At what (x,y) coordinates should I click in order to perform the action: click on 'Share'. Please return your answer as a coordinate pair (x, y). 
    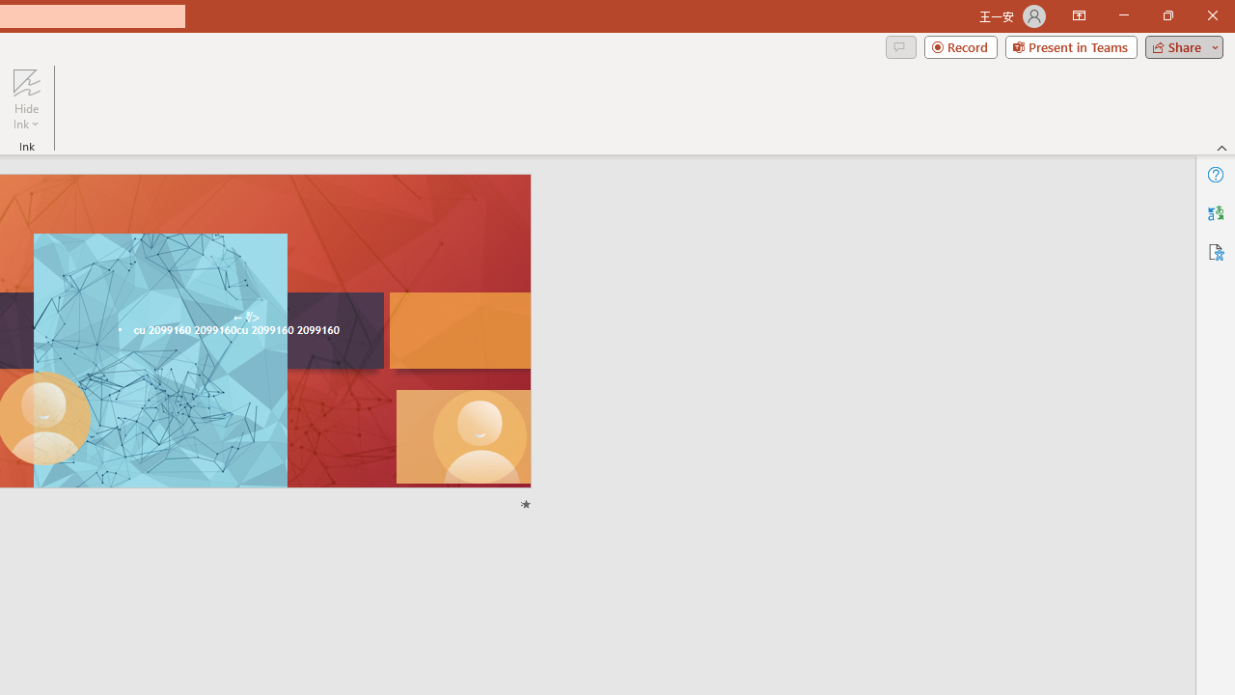
    Looking at the image, I should click on (1179, 45).